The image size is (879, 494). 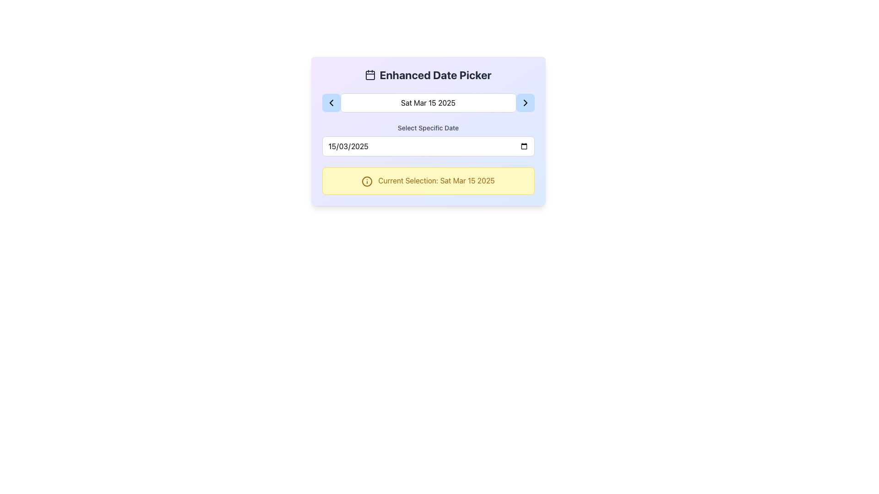 What do you see at coordinates (525, 102) in the screenshot?
I see `the light blue rounded rectangular button with a right arrow icon located at the far right of the upper section of the date picker interface` at bounding box center [525, 102].